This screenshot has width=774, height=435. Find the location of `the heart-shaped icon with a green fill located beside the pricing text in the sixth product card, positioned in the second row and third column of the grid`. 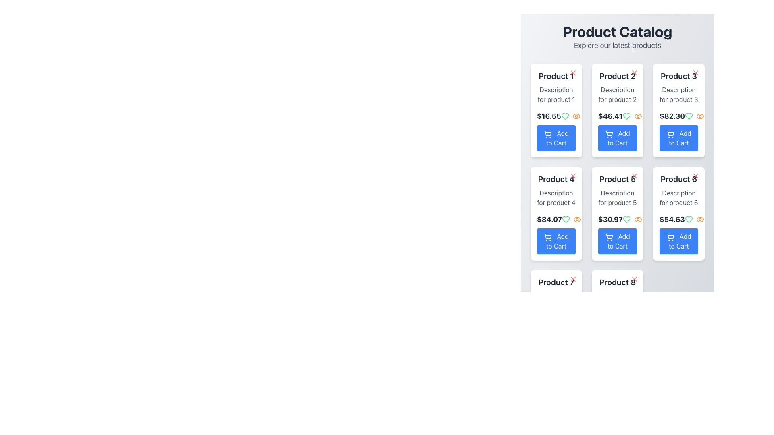

the heart-shaped icon with a green fill located beside the pricing text in the sixth product card, positioned in the second row and third column of the grid is located at coordinates (688, 219).